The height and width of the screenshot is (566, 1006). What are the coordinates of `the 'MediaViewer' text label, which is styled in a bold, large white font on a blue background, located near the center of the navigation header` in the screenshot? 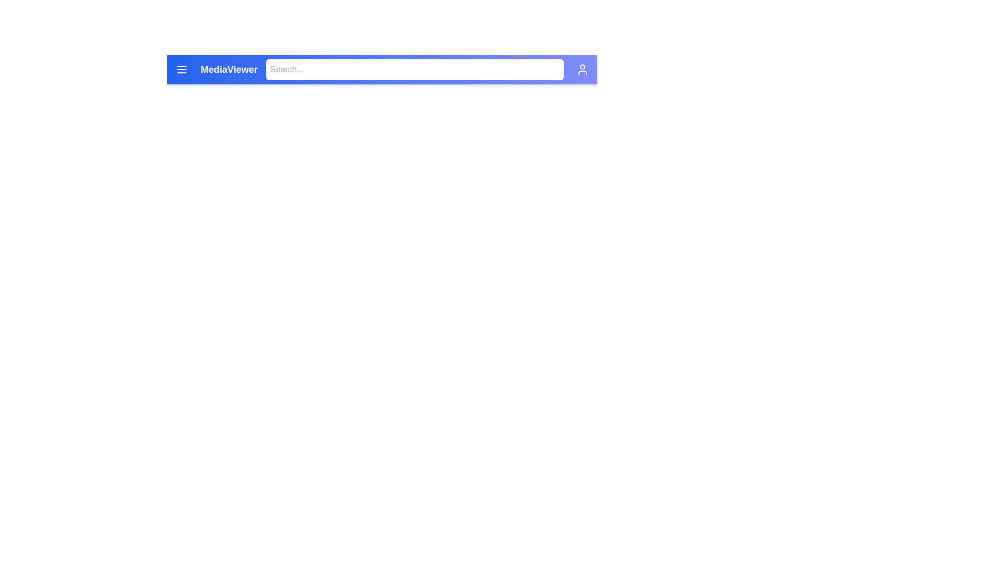 It's located at (228, 69).